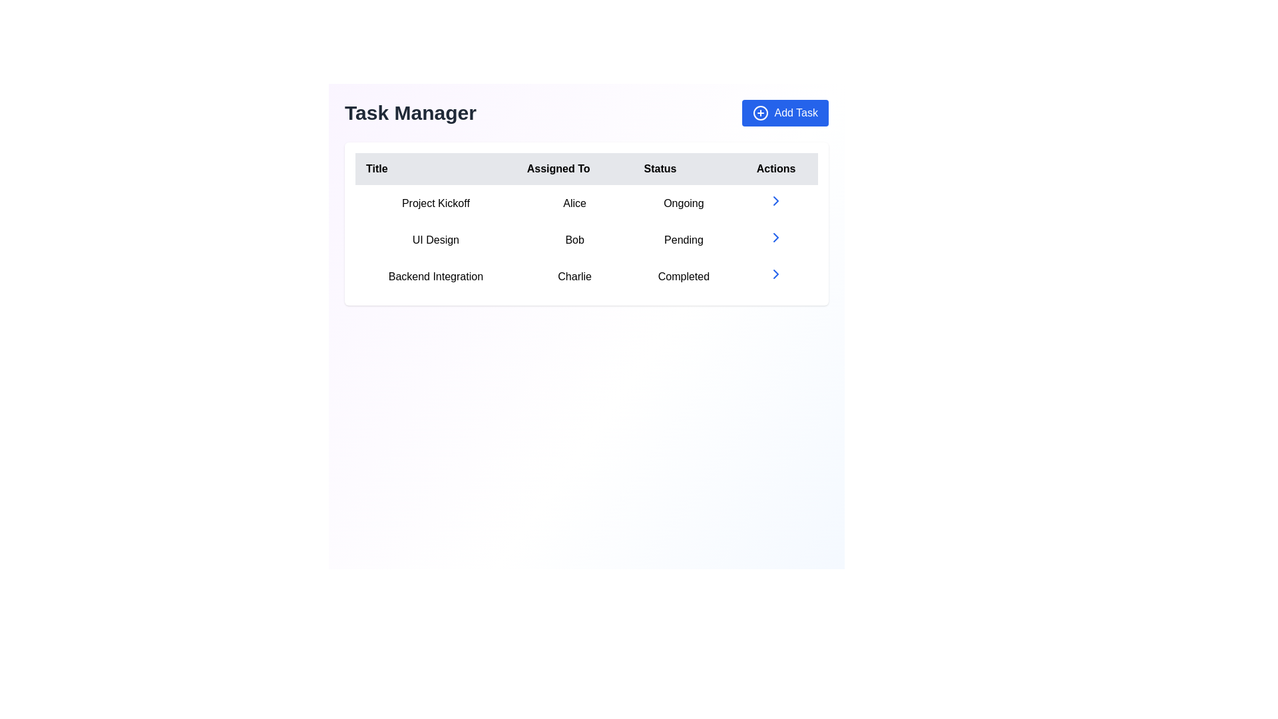  What do you see at coordinates (574, 240) in the screenshot?
I see `the static text element displaying the name 'Bob' in the 'Assigned To' column of the table` at bounding box center [574, 240].